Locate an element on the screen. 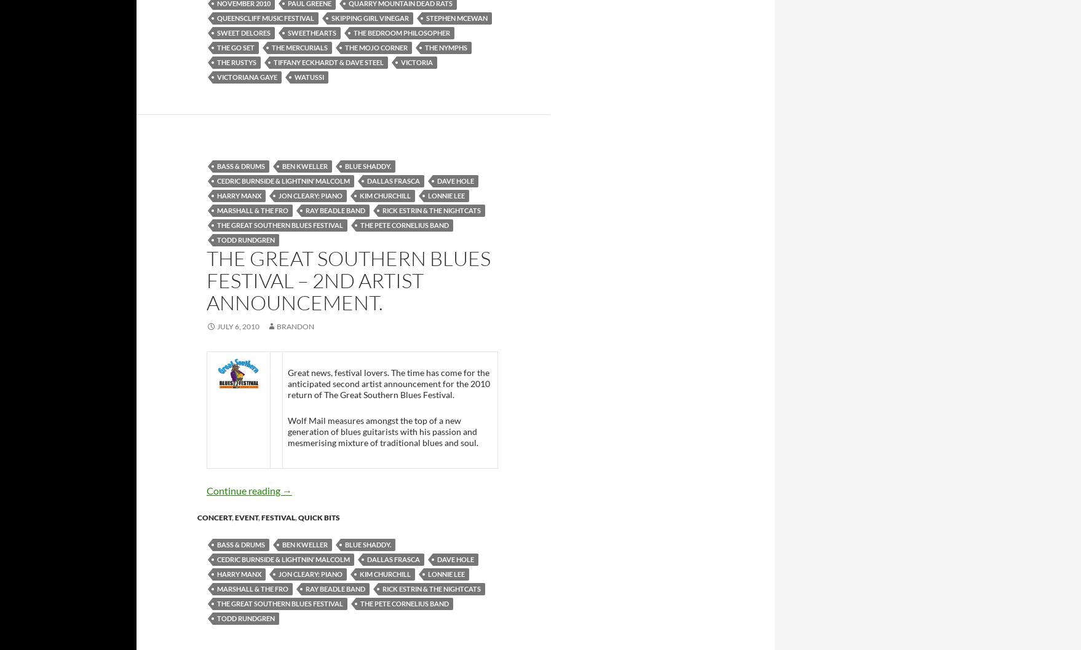  'The Rustys' is located at coordinates (237, 61).